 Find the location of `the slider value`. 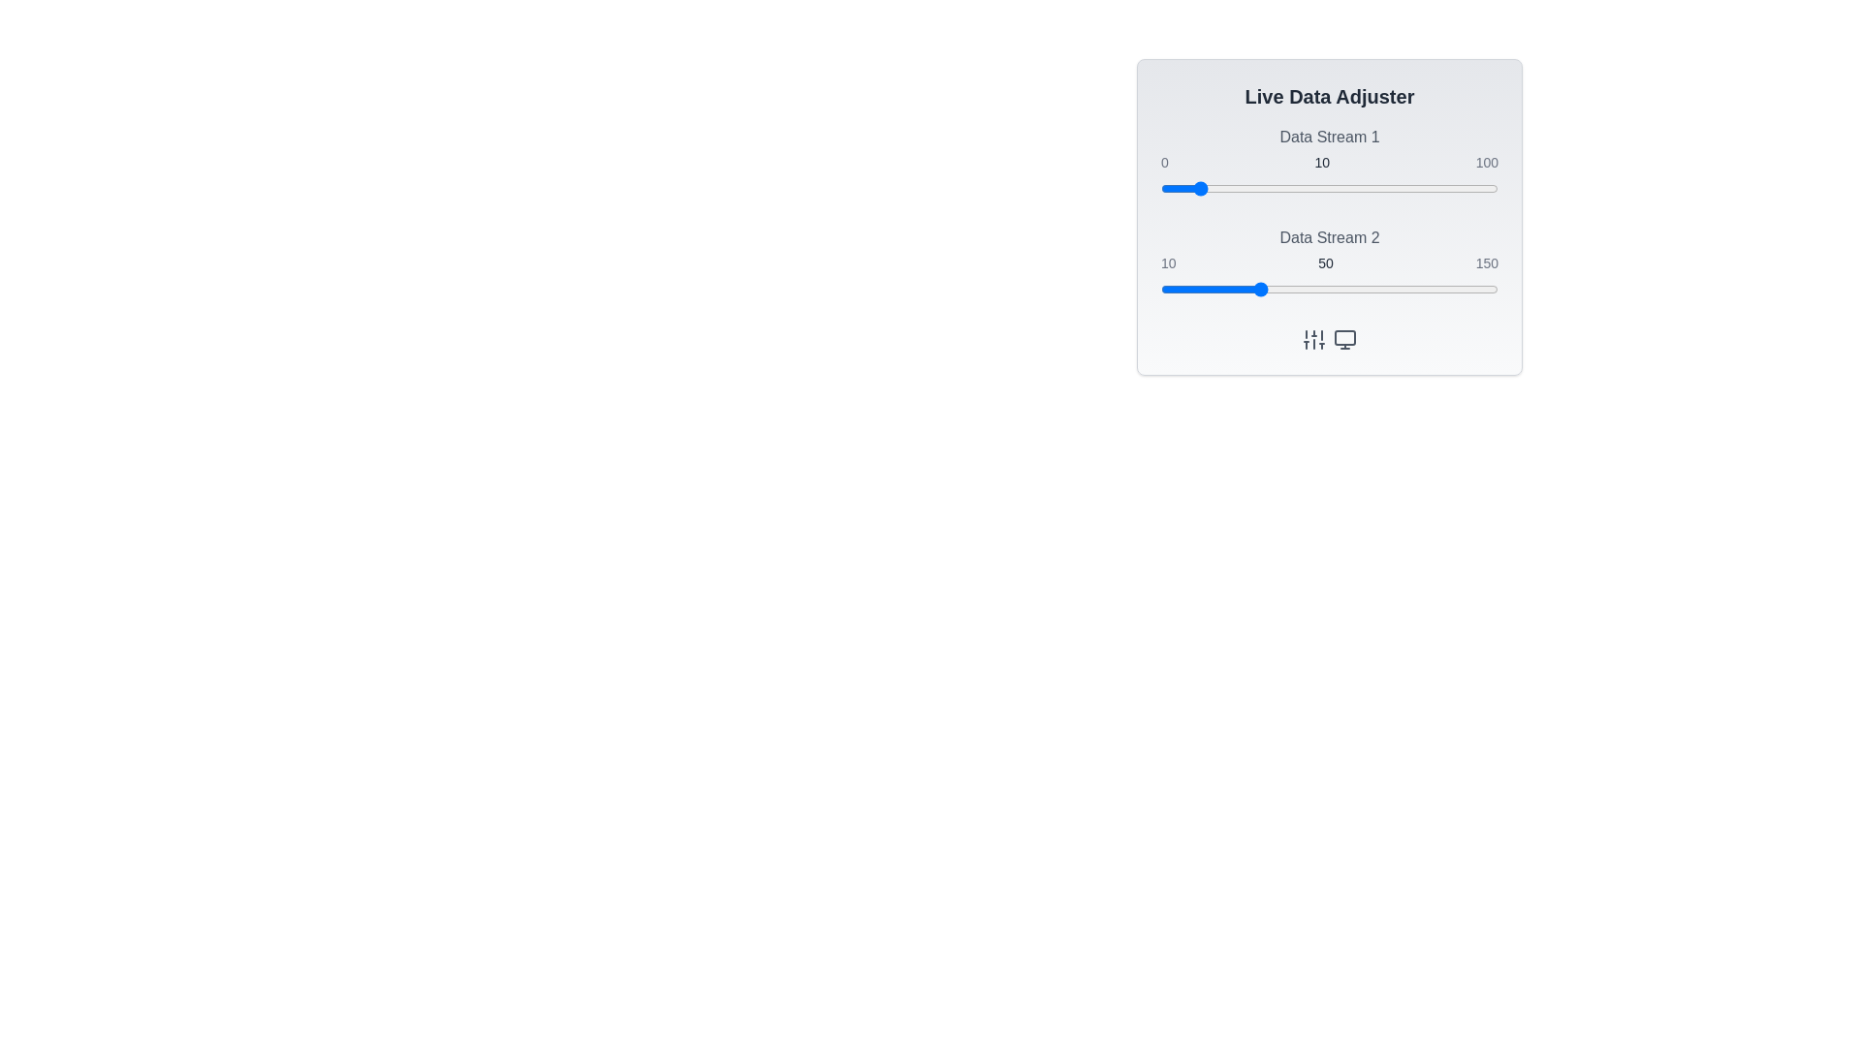

the slider value is located at coordinates (1191, 290).